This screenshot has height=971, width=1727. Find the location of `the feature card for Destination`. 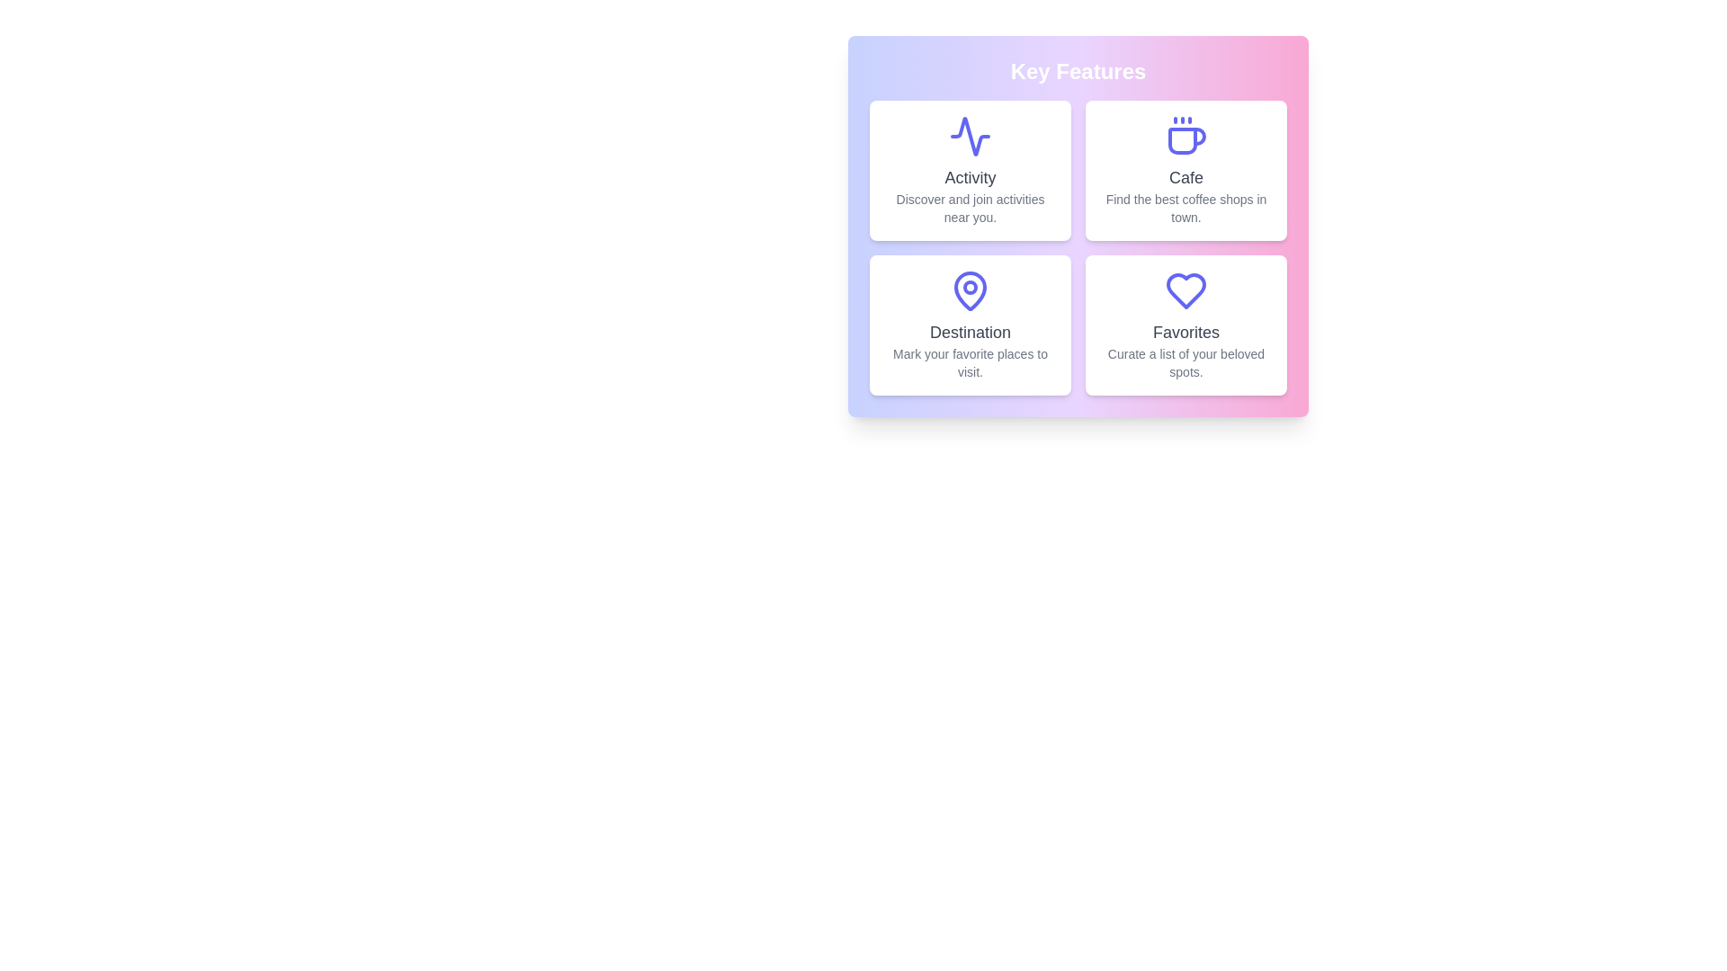

the feature card for Destination is located at coordinates (970, 325).